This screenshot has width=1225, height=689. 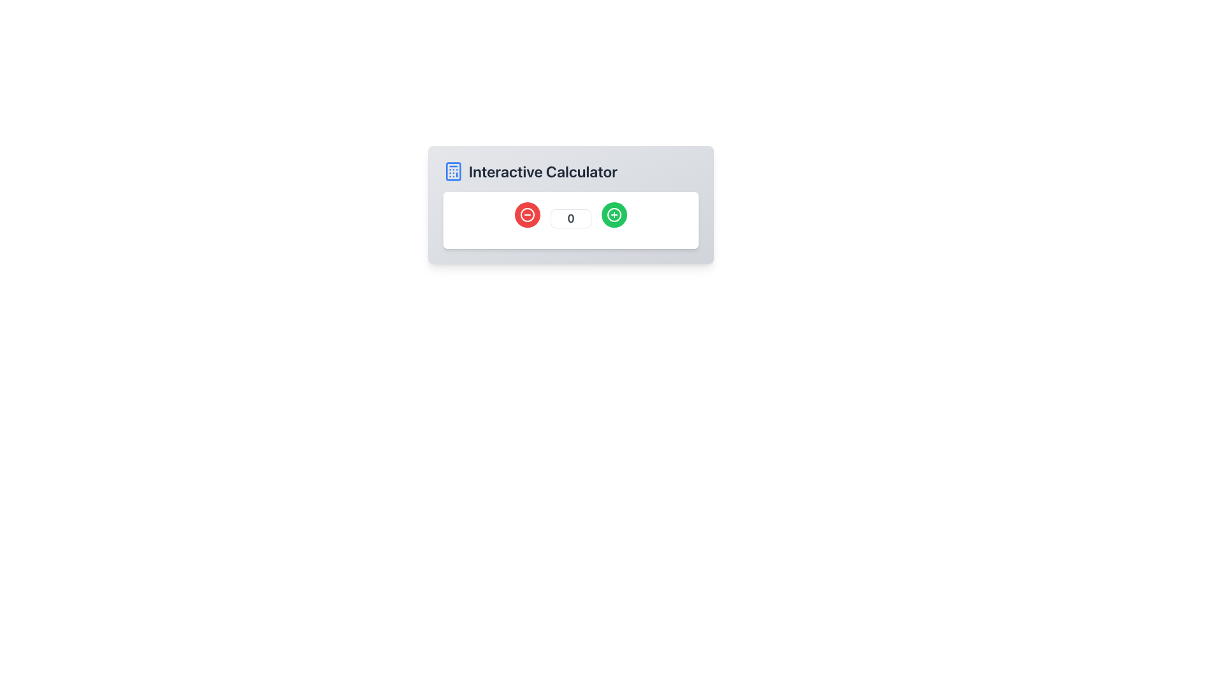 I want to click on the decorative circular element with a red fill and white bar, located inside the red button under the 'Interactive Calculator' heading, so click(x=527, y=214).